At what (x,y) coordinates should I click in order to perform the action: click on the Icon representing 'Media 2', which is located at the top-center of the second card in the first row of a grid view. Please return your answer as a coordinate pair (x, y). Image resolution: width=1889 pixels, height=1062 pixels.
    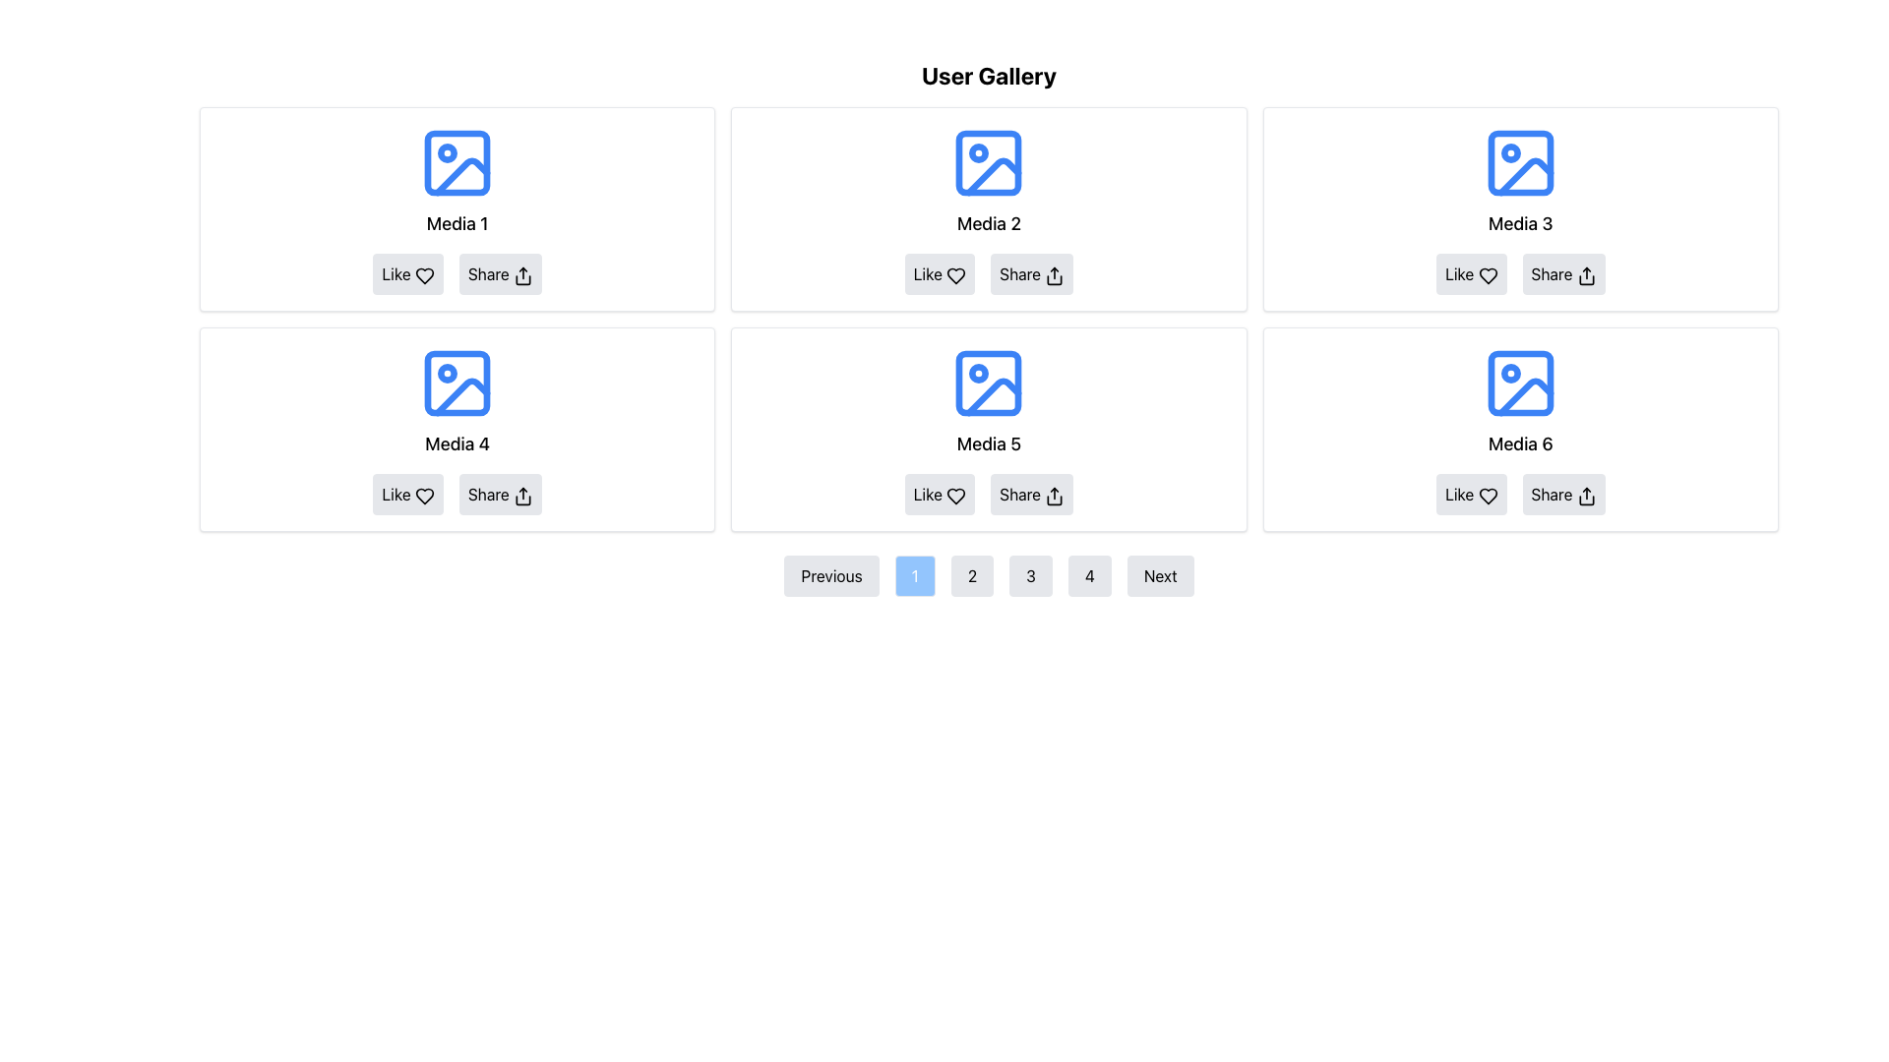
    Looking at the image, I should click on (989, 161).